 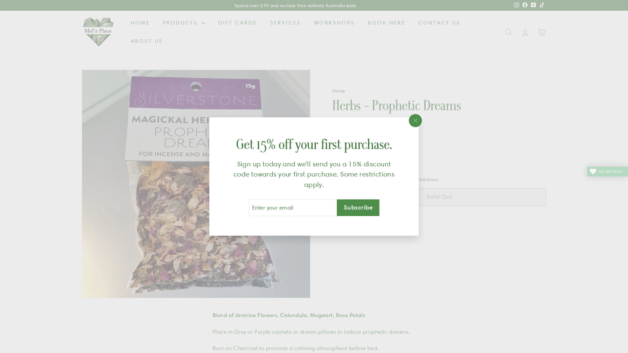 What do you see at coordinates (334, 22) in the screenshot?
I see `'WORKSHOPS'` at bounding box center [334, 22].